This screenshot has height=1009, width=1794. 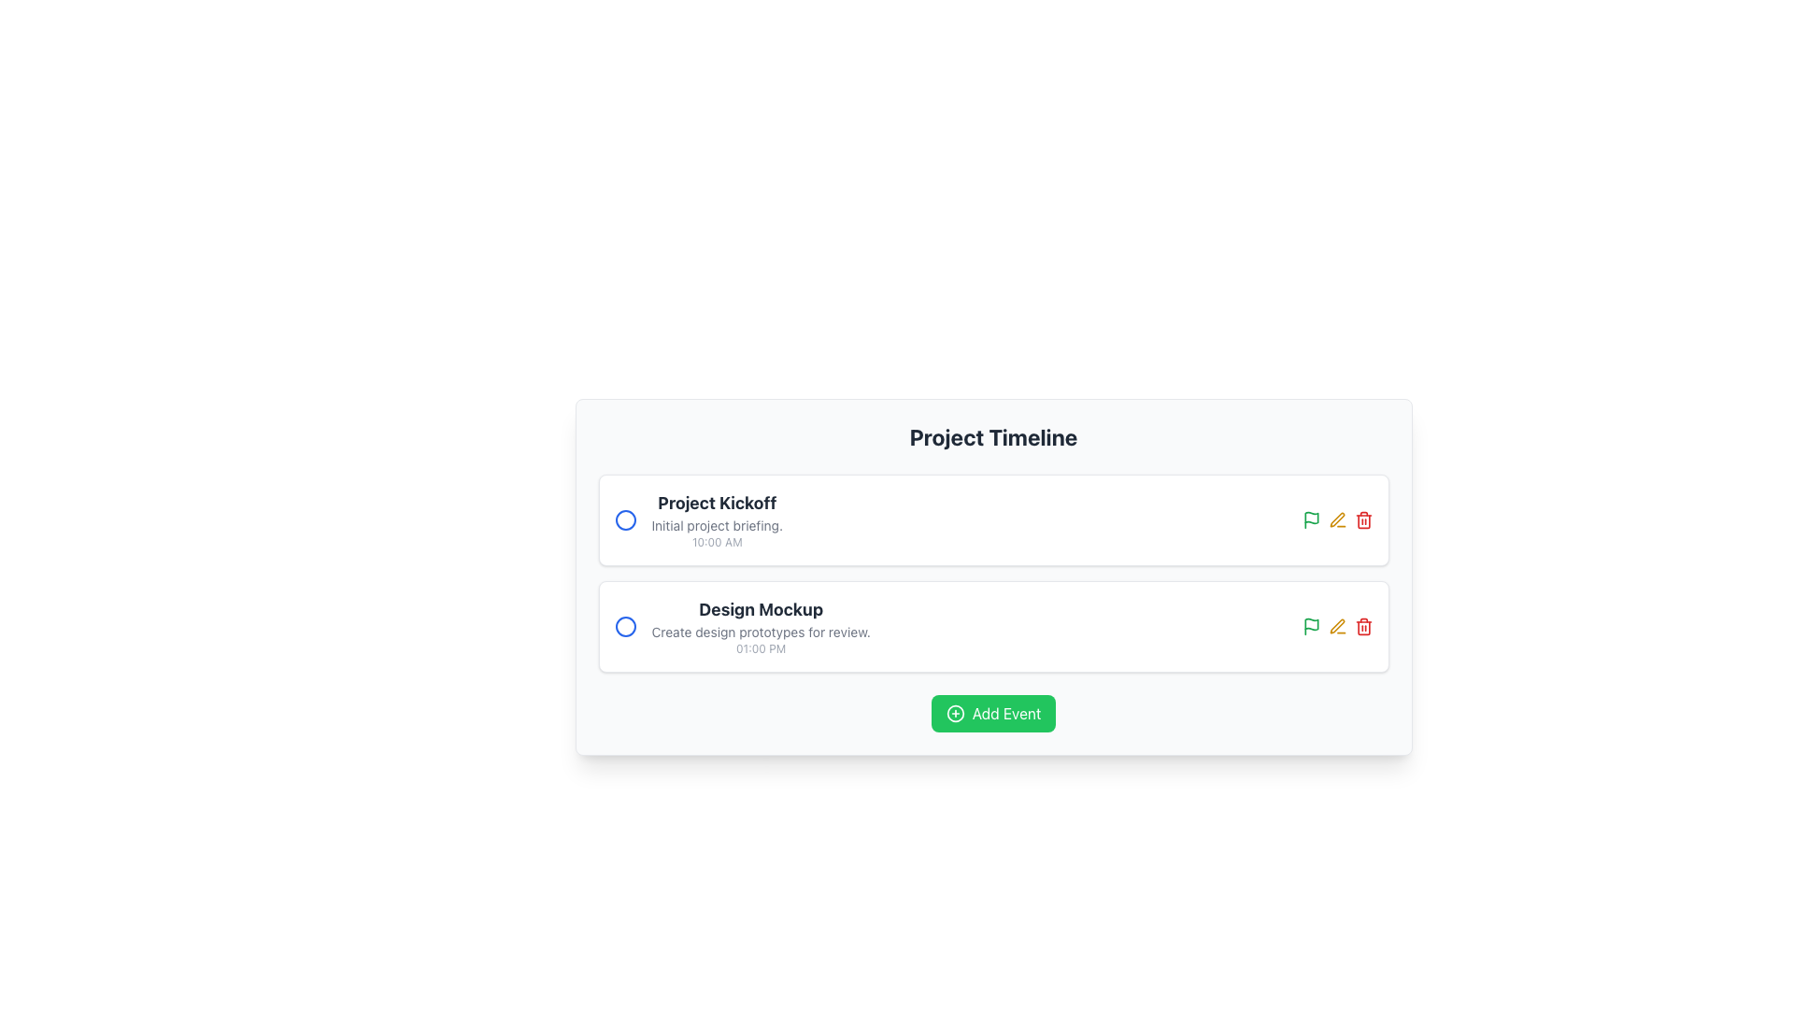 I want to click on the delete icon, which is the third icon in the group aligned to the right of the 'Design Mockup' timeline event, so click(x=1363, y=519).